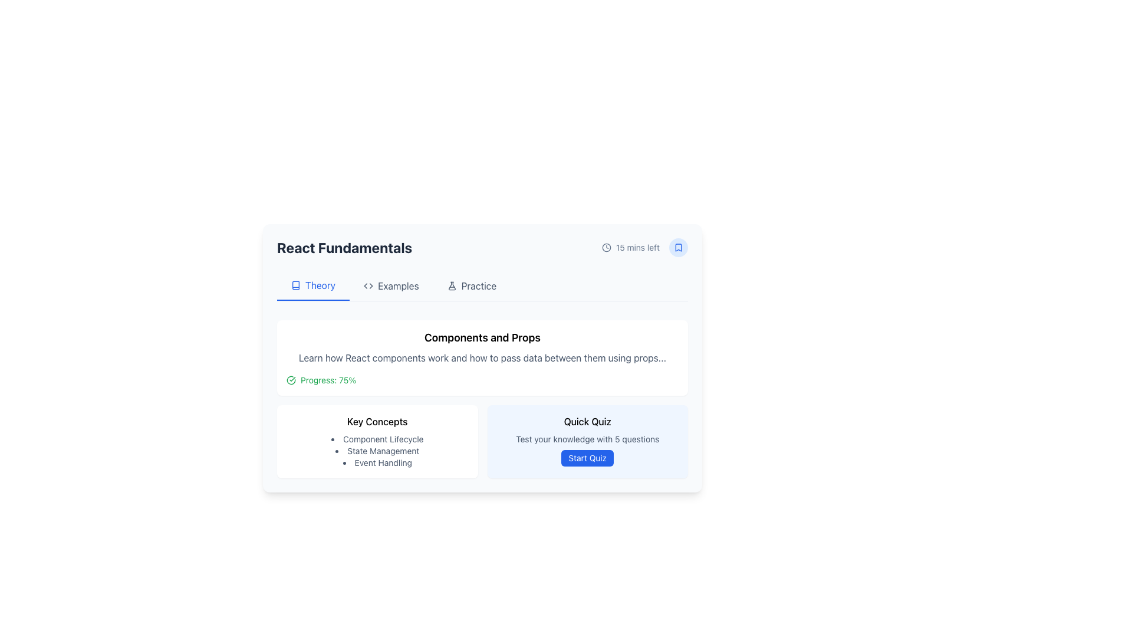  I want to click on the 'Theory' button in the navigation bar, so click(313, 286).